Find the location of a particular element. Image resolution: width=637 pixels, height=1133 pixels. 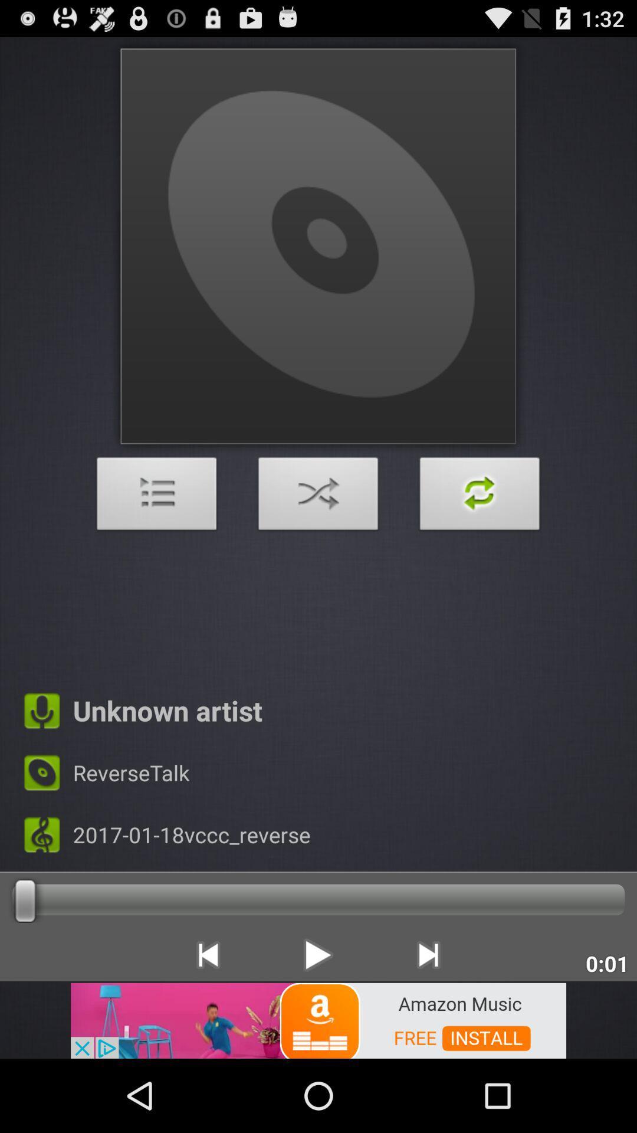

the menu is located at coordinates (156, 497).